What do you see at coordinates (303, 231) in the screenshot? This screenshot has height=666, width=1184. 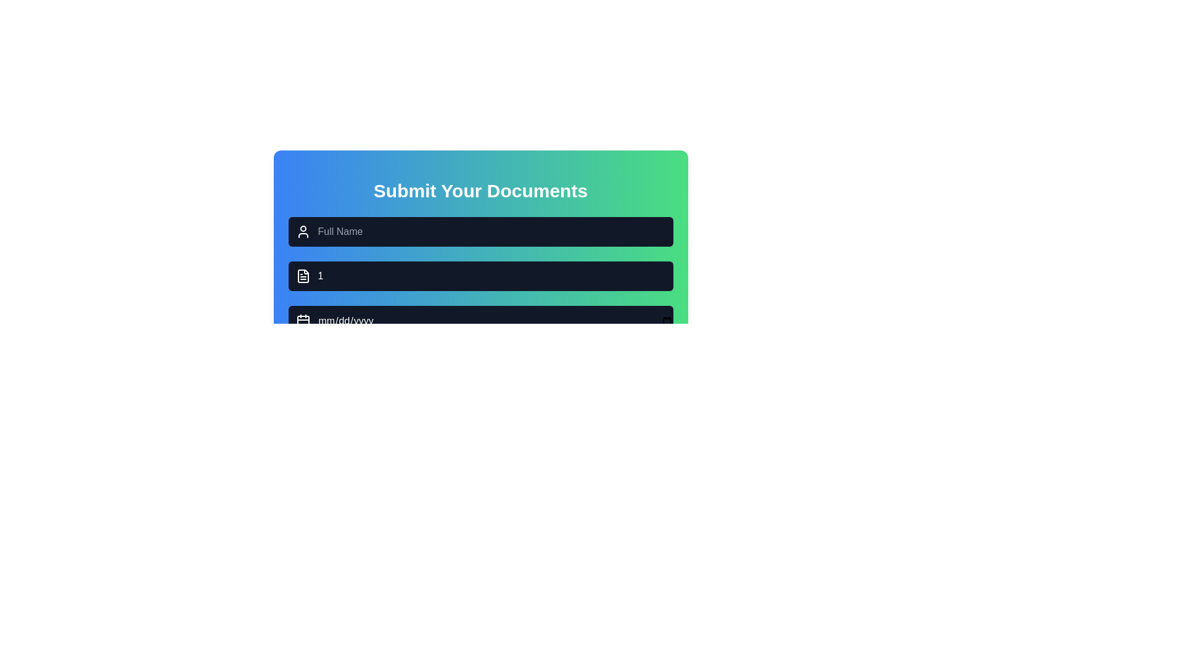 I see `the icon that signifies the adjacent text input field for entering user-related details, located to the left of the 'Full Name' input field in the 'Submit Your Documents' form` at bounding box center [303, 231].